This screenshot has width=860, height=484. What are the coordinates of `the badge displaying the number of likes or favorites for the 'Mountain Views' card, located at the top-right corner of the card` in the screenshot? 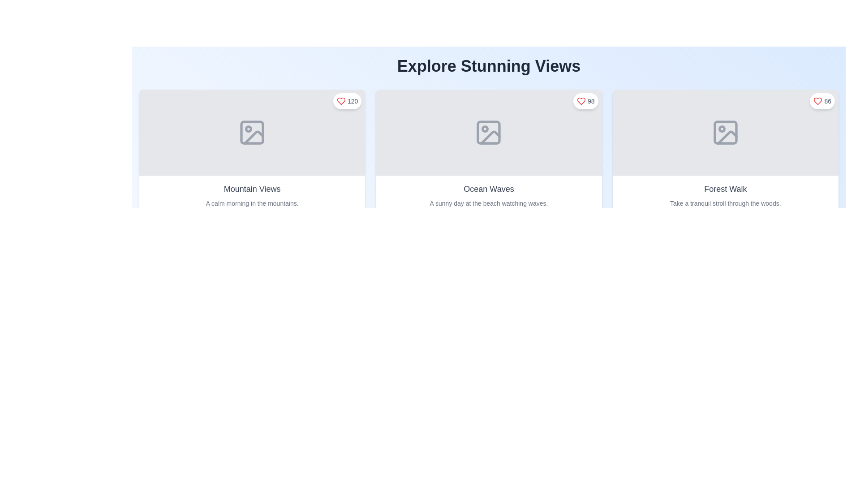 It's located at (347, 101).